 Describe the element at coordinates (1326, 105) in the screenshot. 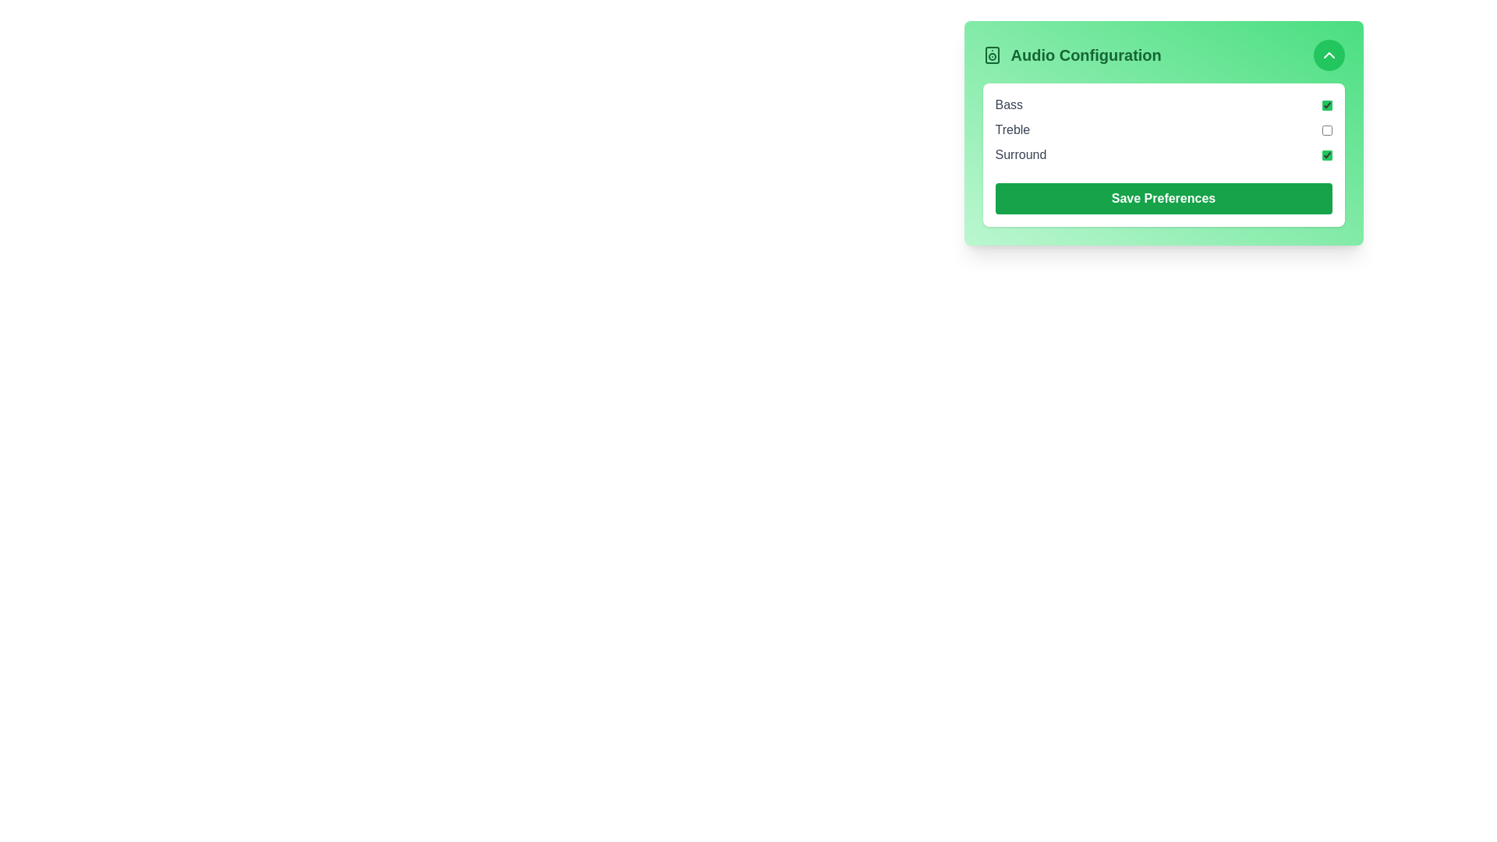

I see `the green checkbox next to the label 'Bass' in the audio settings configuration panel` at that location.